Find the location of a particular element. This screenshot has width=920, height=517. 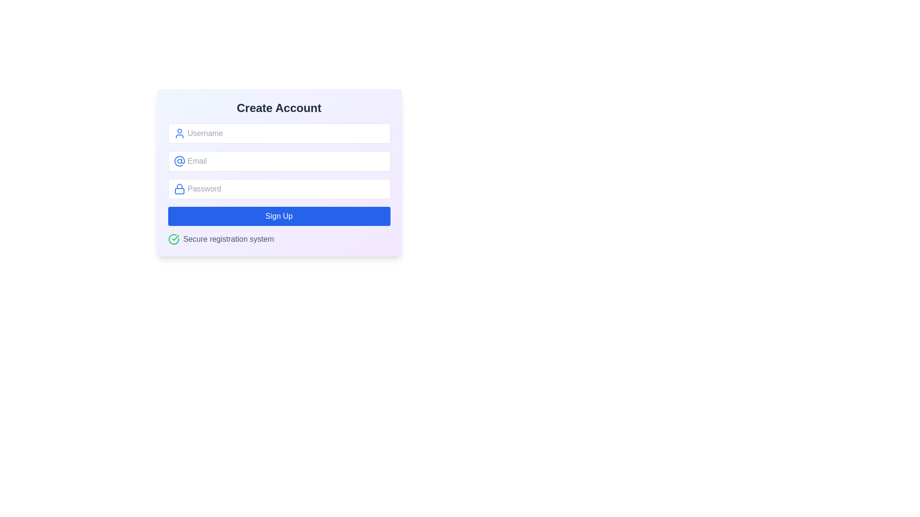

the green checkmark icon enclosed within a circular outline, located to the left of the text 'Secure registration system' is located at coordinates (173, 239).